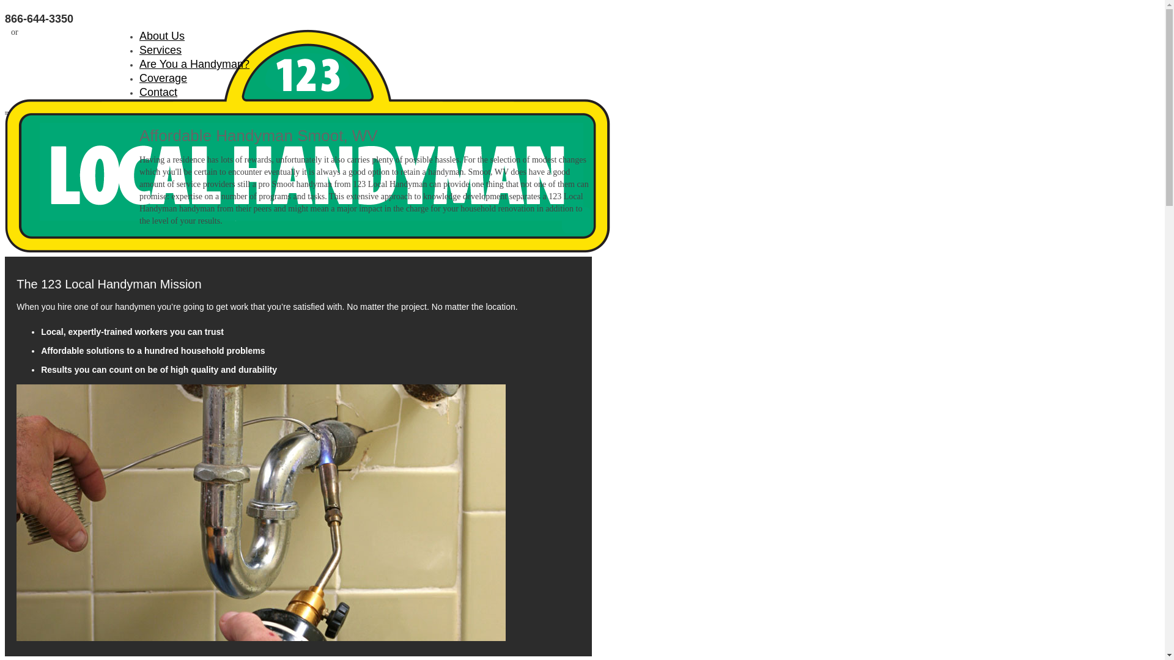  I want to click on '123 Local Handyman', so click(72, 142).